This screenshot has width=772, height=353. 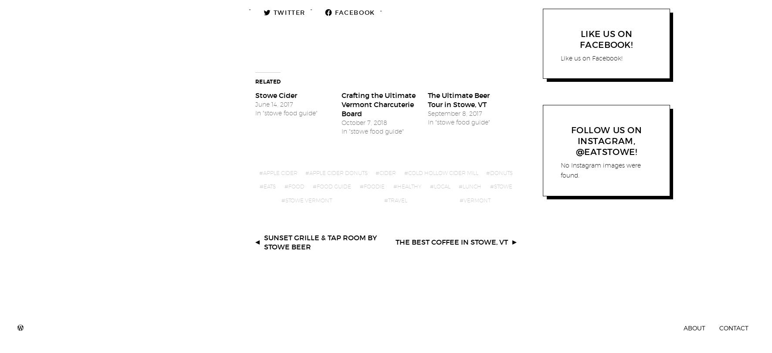 I want to click on 'Follow us on Instagram, @EatStowe!', so click(x=606, y=141).